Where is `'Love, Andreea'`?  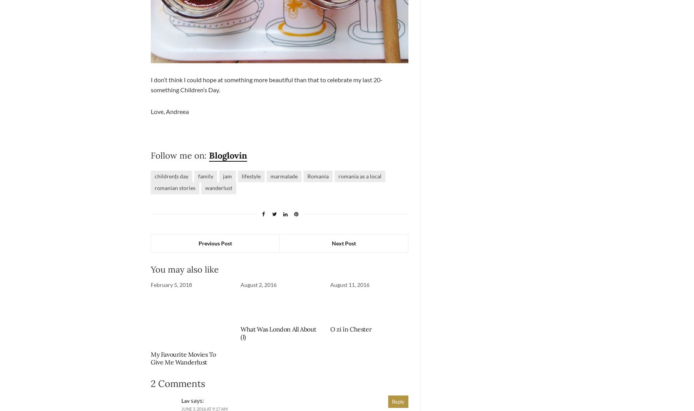
'Love, Andreea' is located at coordinates (170, 111).